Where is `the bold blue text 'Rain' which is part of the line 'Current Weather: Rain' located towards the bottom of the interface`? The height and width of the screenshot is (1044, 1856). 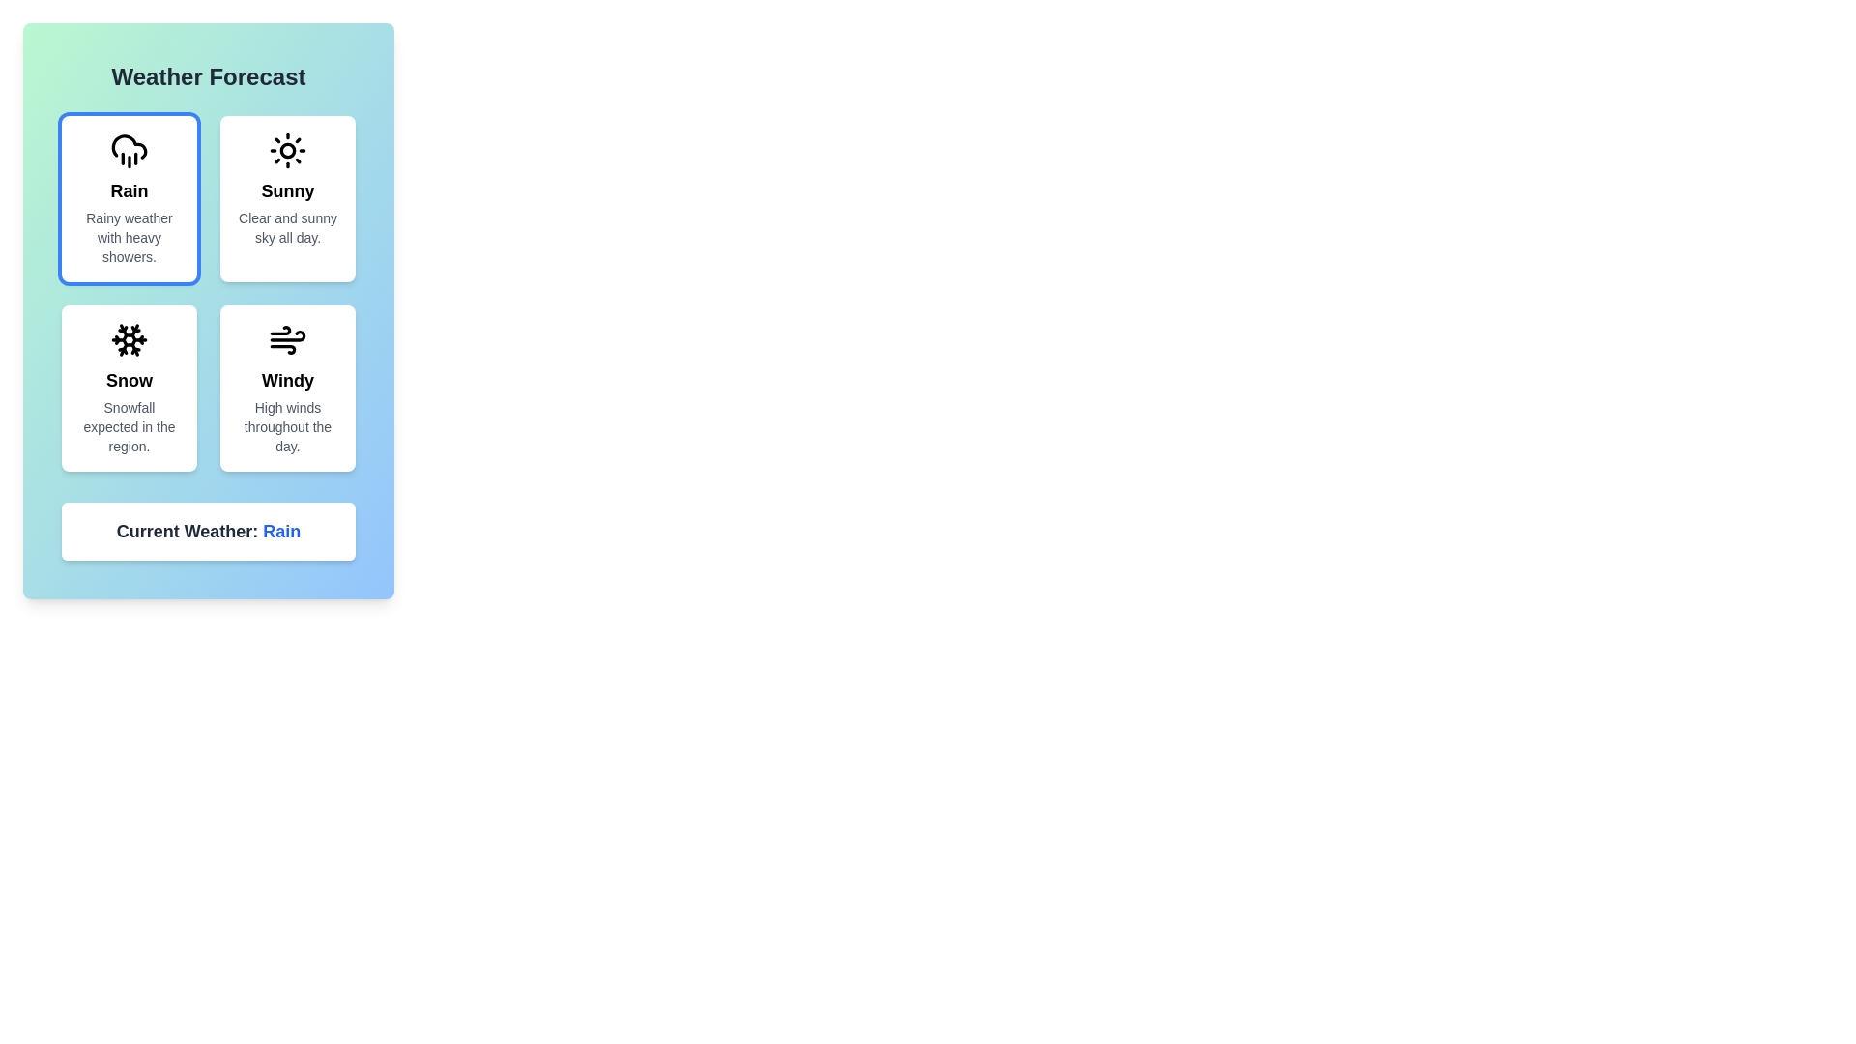
the bold blue text 'Rain' which is part of the line 'Current Weather: Rain' located towards the bottom of the interface is located at coordinates (280, 532).